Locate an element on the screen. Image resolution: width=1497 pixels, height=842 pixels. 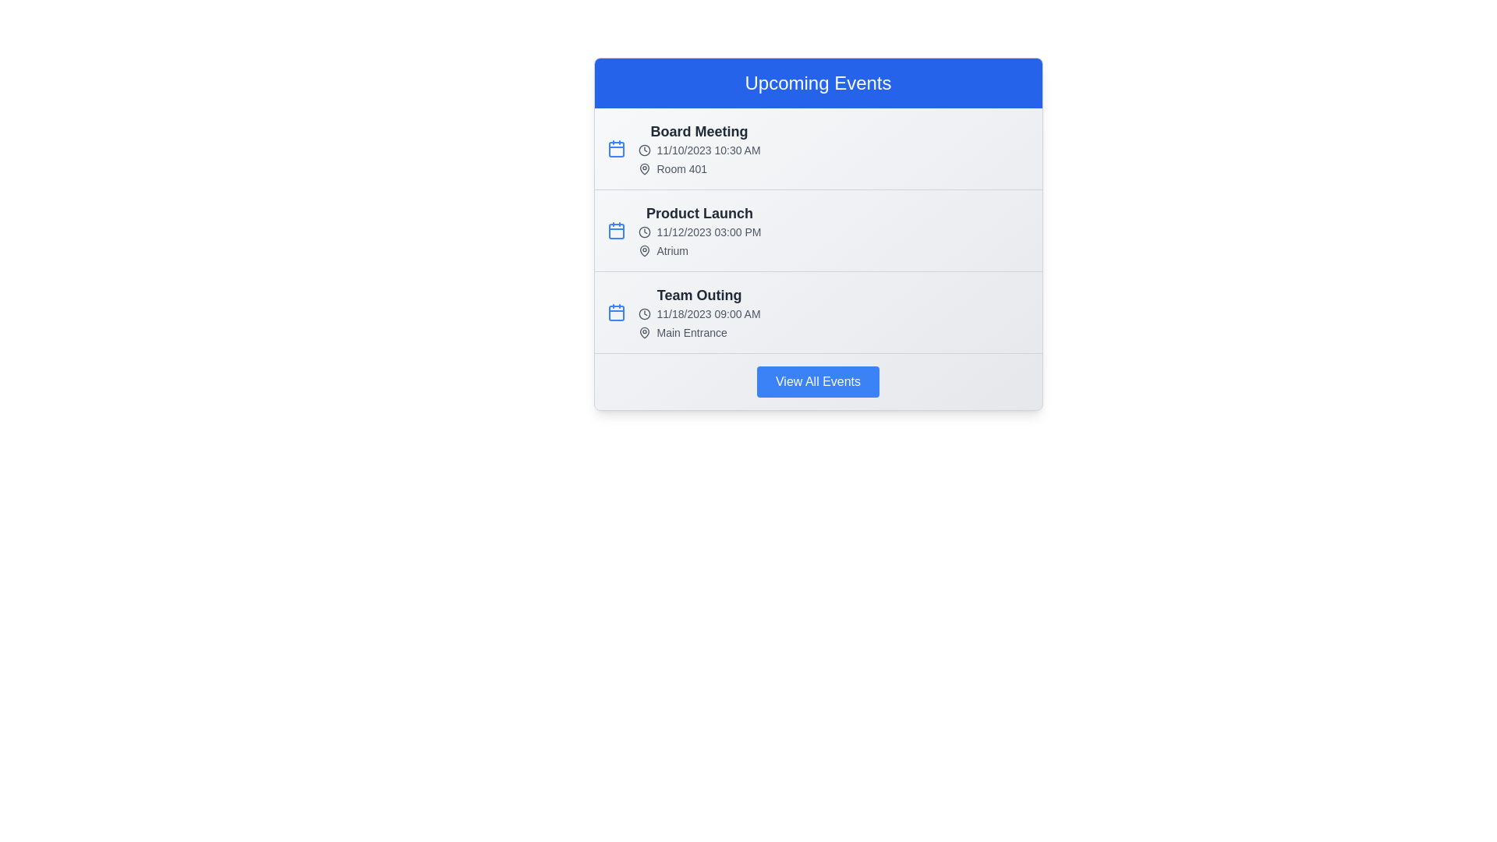
the small, circular location pin icon that is placed to the left of the text 'Main Entrance.' is located at coordinates (644, 332).